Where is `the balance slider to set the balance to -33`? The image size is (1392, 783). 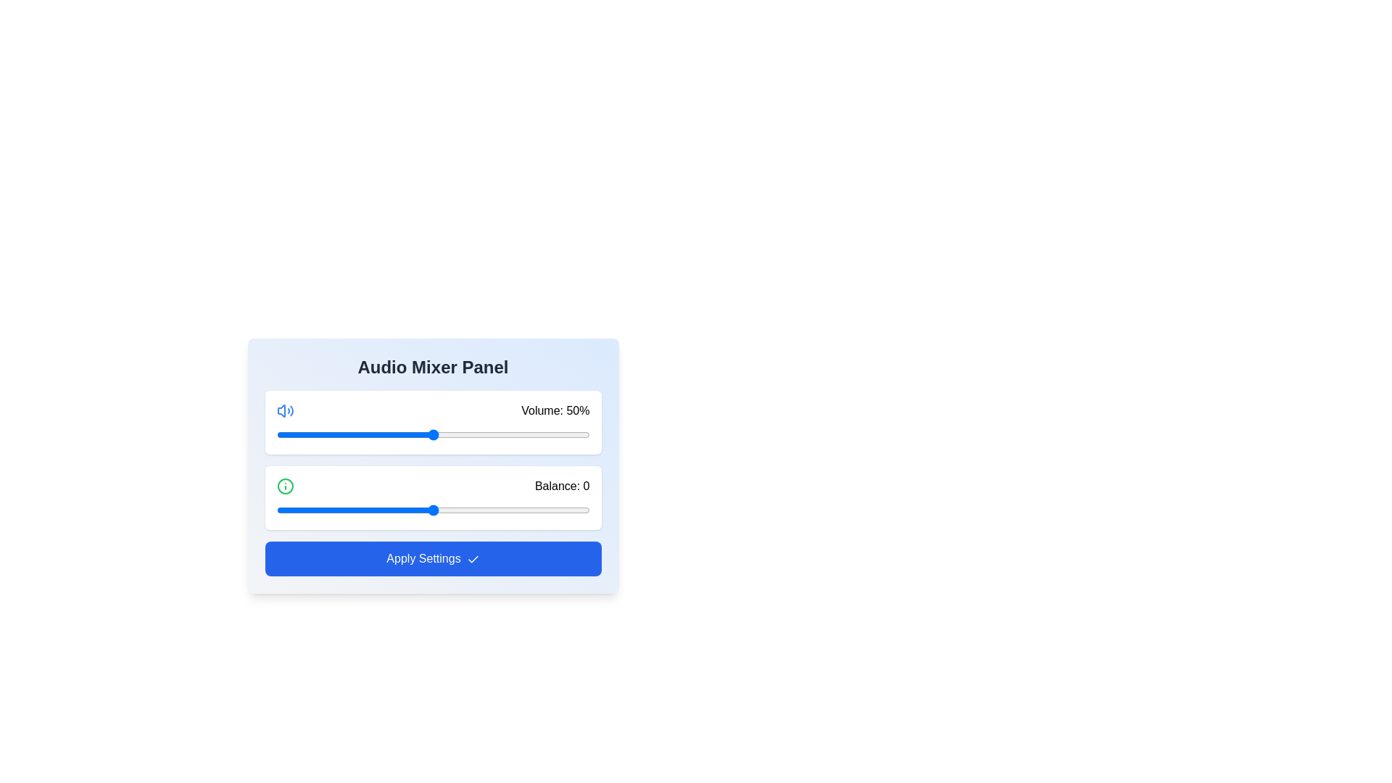 the balance slider to set the balance to -33 is located at coordinates (328, 510).